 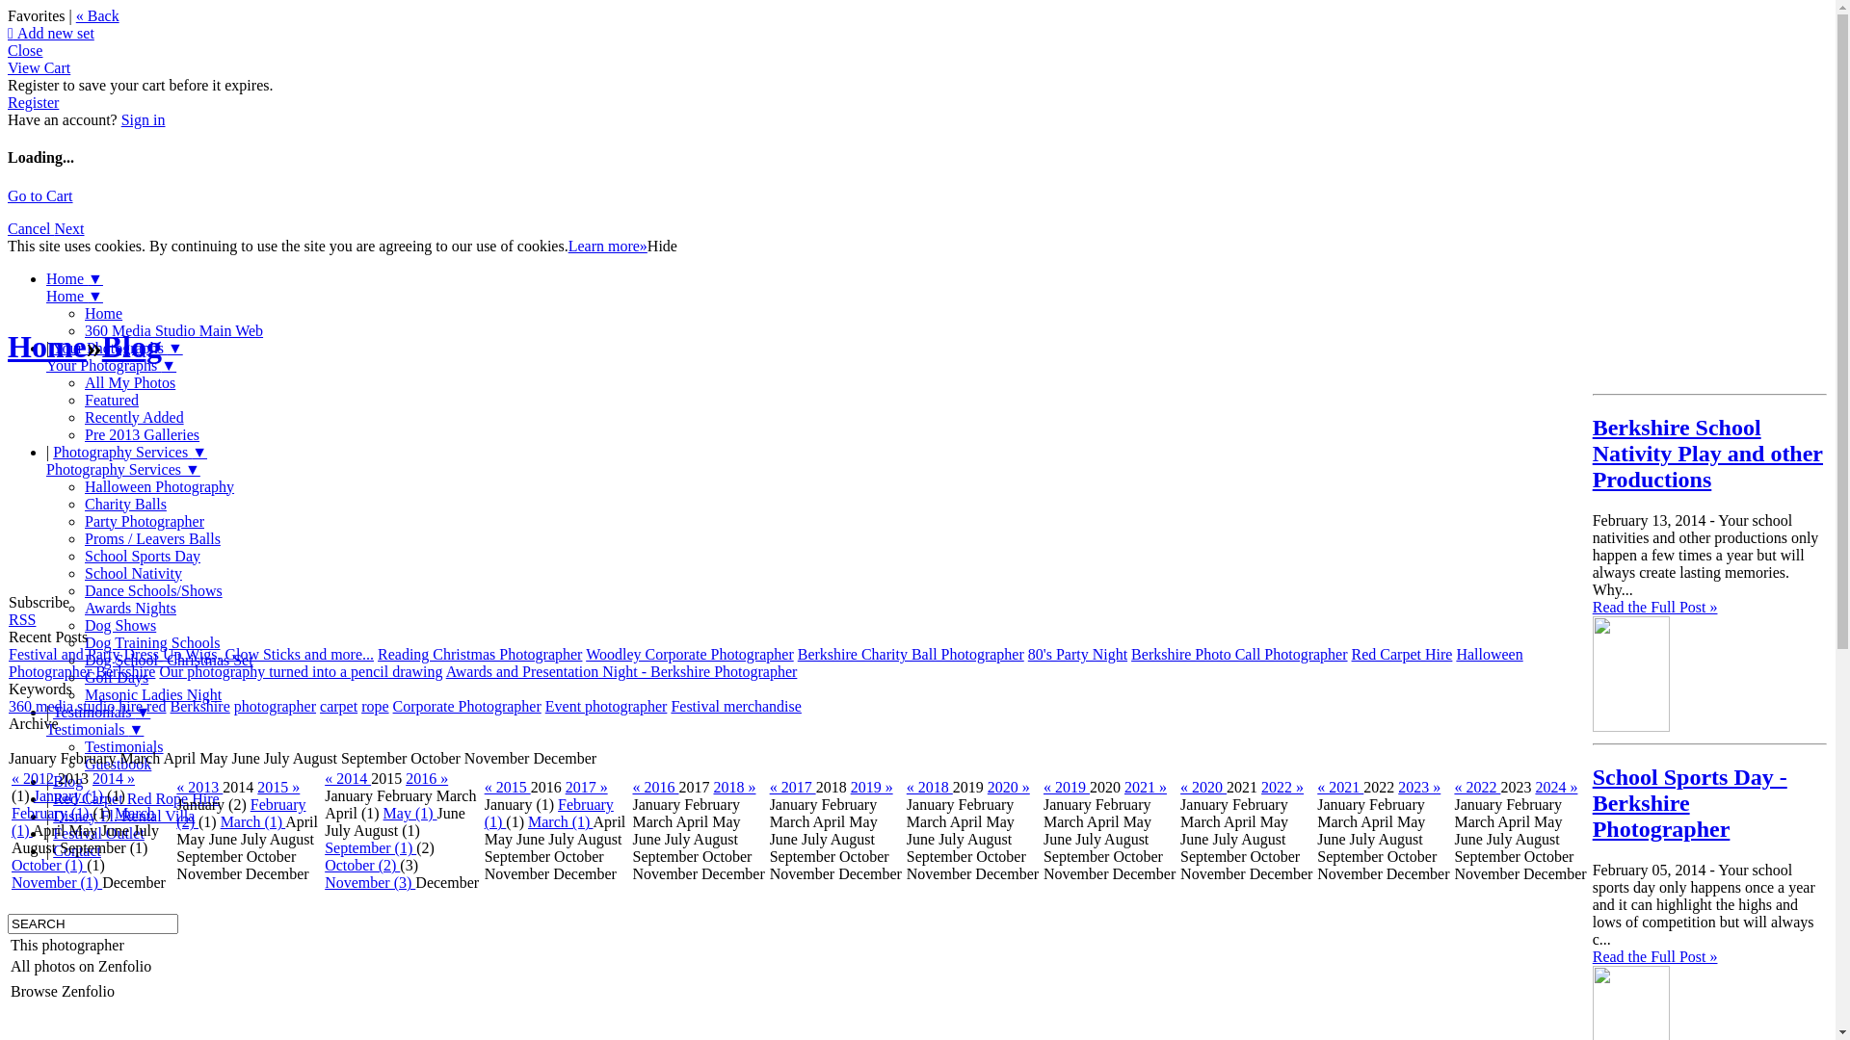 What do you see at coordinates (143, 521) in the screenshot?
I see `'Party Photographer'` at bounding box center [143, 521].